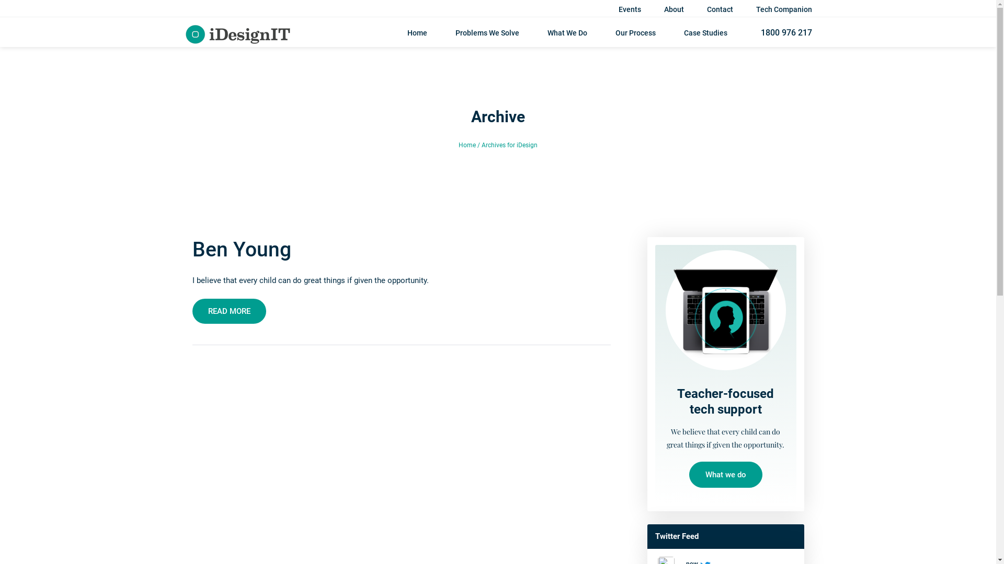 The width and height of the screenshot is (1004, 564). What do you see at coordinates (725, 475) in the screenshot?
I see `'What we do'` at bounding box center [725, 475].